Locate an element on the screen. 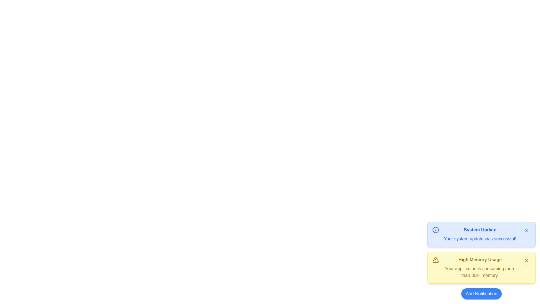 Image resolution: width=540 pixels, height=304 pixels. text content displayed in the text component that shows 'Your application is consuming more than 80% memory.' within the yellow notification box titled 'High Memory Usage' is located at coordinates (480, 272).